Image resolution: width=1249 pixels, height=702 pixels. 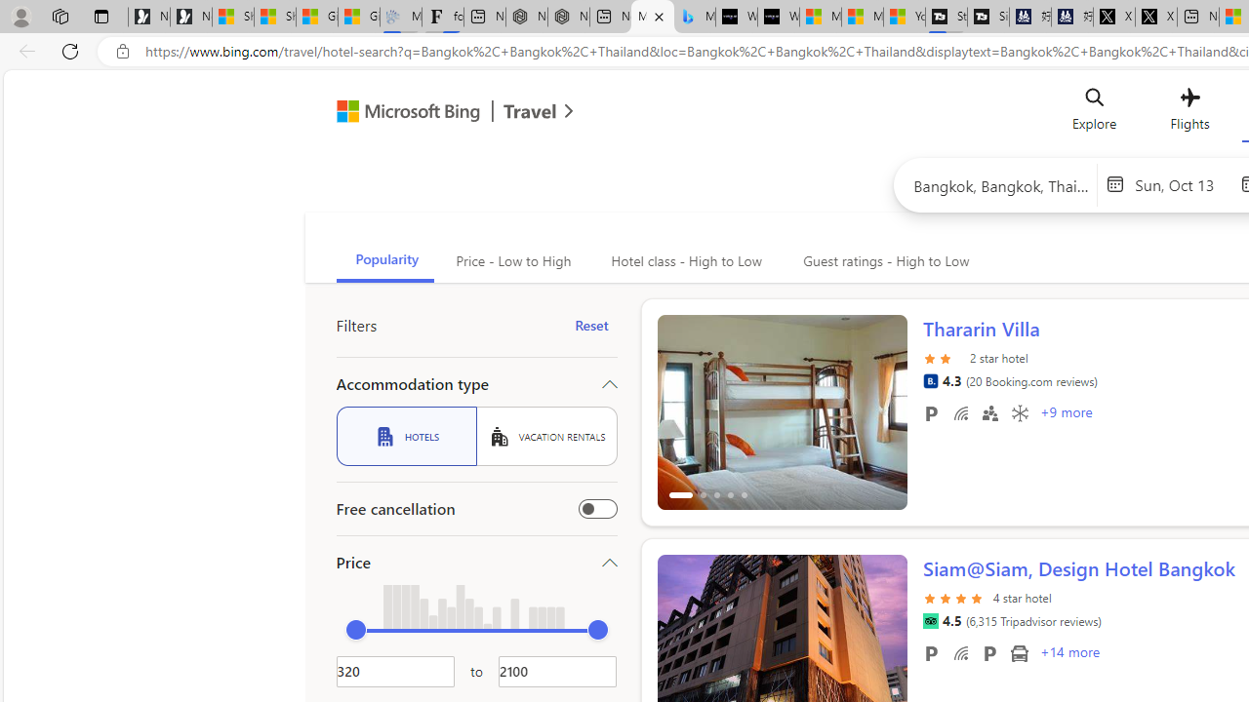 What do you see at coordinates (1068, 654) in the screenshot?
I see `'+14 More Amenities'` at bounding box center [1068, 654].